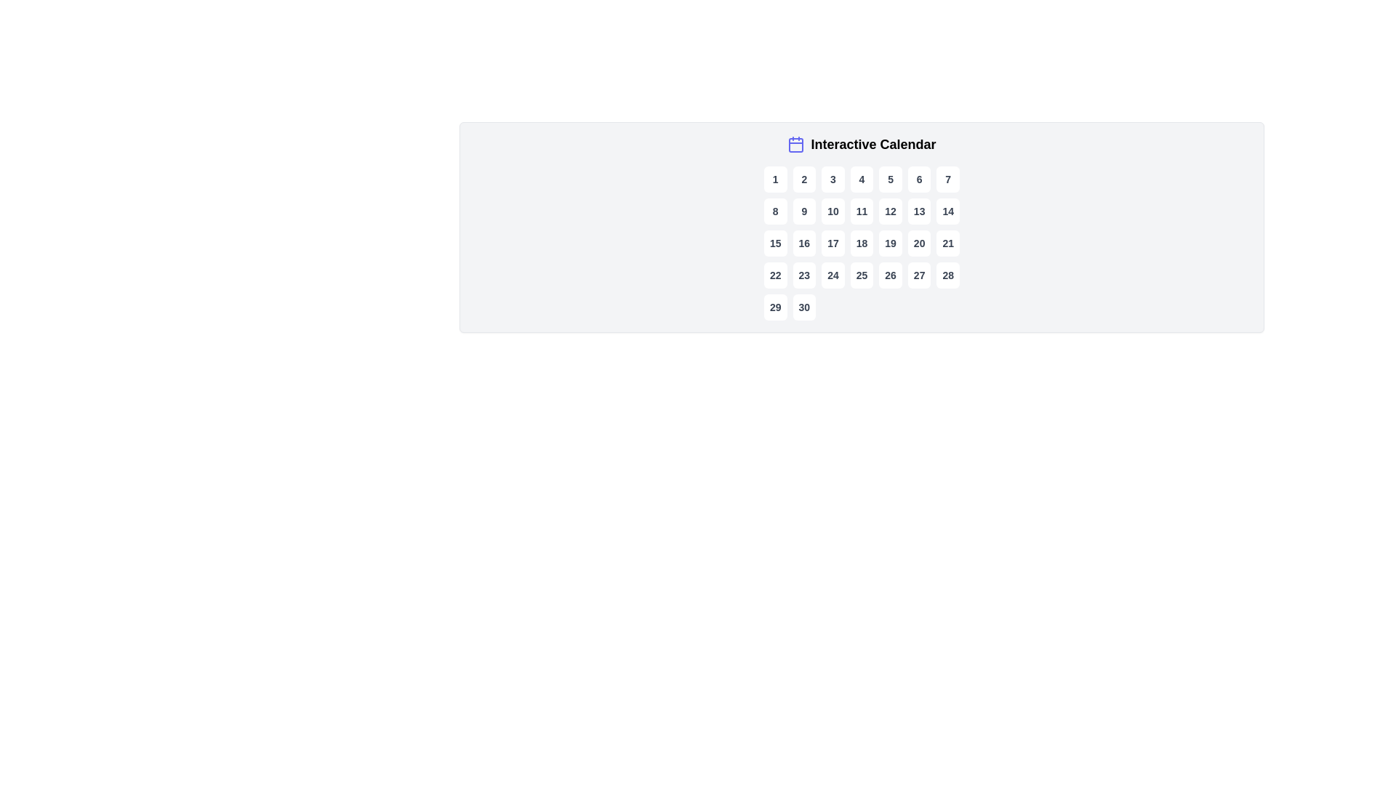 Image resolution: width=1396 pixels, height=785 pixels. I want to click on the square button displaying the number '14' in the center, which has a white background and rounded corners, located in the second row and seventh column of the calendar grid, so click(948, 211).